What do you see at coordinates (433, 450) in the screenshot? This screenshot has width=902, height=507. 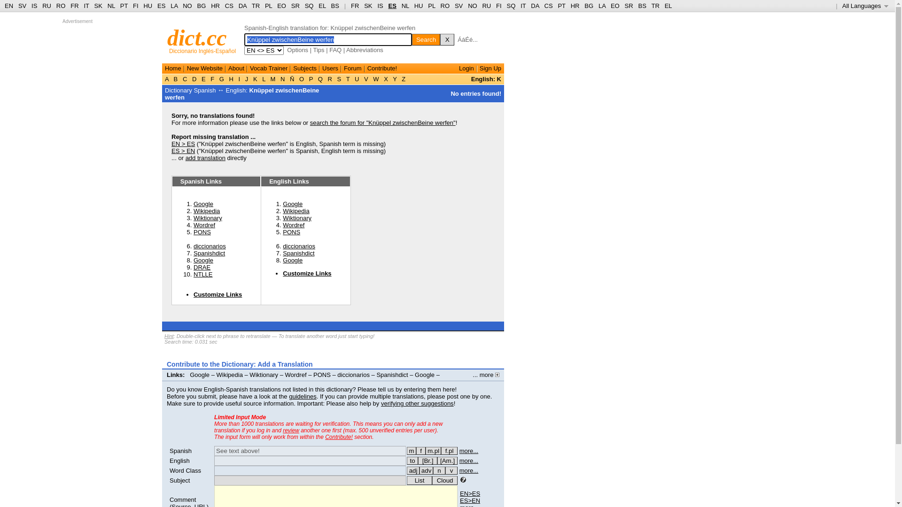 I see `'masculino plural'` at bounding box center [433, 450].